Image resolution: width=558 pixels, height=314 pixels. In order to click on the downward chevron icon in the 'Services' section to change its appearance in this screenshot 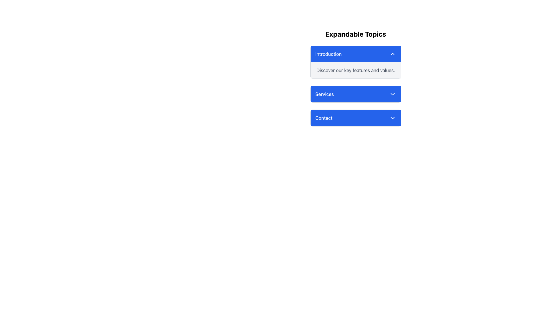, I will do `click(392, 94)`.